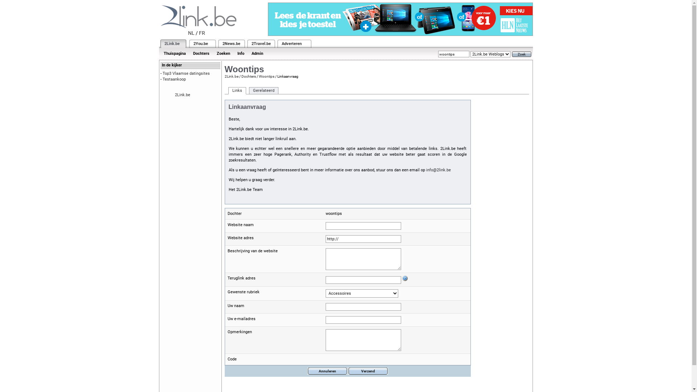 Image resolution: width=697 pixels, height=392 pixels. Describe the element at coordinates (257, 53) in the screenshot. I see `'Admin'` at that location.